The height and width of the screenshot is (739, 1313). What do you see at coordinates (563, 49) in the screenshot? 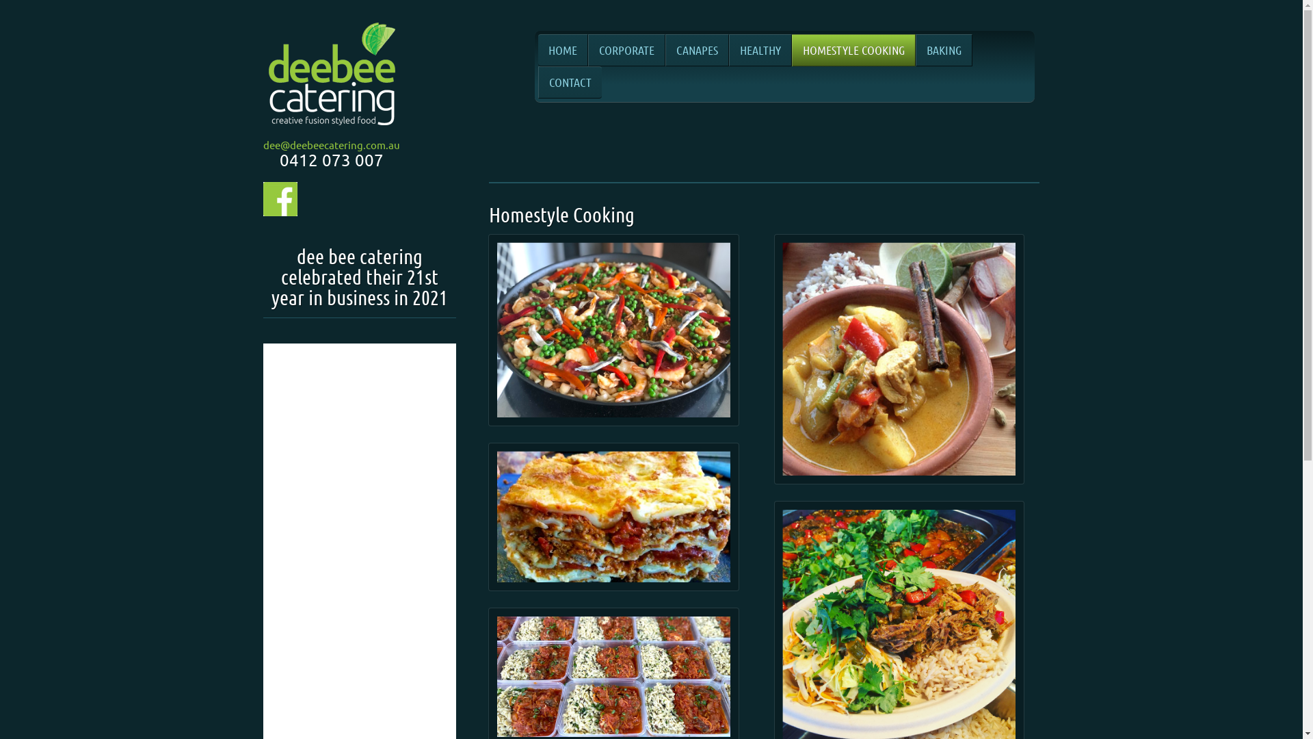
I see `'HOME'` at bounding box center [563, 49].